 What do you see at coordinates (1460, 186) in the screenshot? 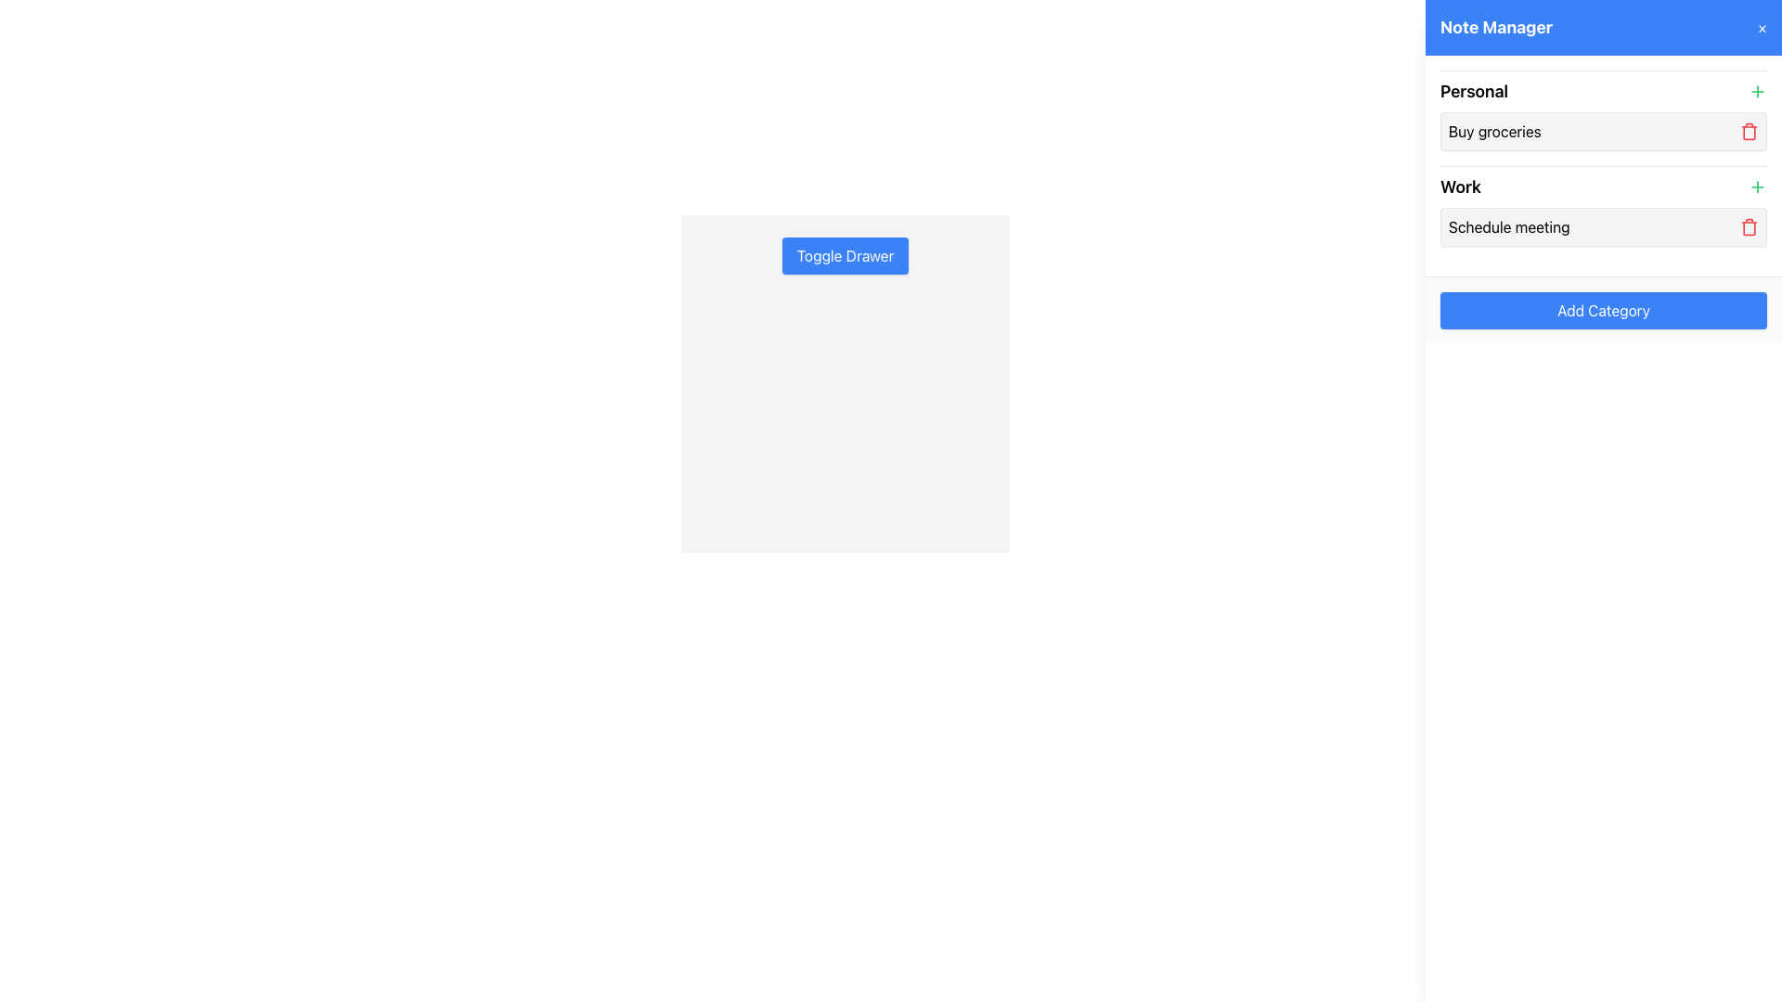
I see `the 'Work' label text, which is a bold black text element located in the 'Note Manager' panel, positioned below 'Buy groceries' and above 'Schedule meeting'` at bounding box center [1460, 186].